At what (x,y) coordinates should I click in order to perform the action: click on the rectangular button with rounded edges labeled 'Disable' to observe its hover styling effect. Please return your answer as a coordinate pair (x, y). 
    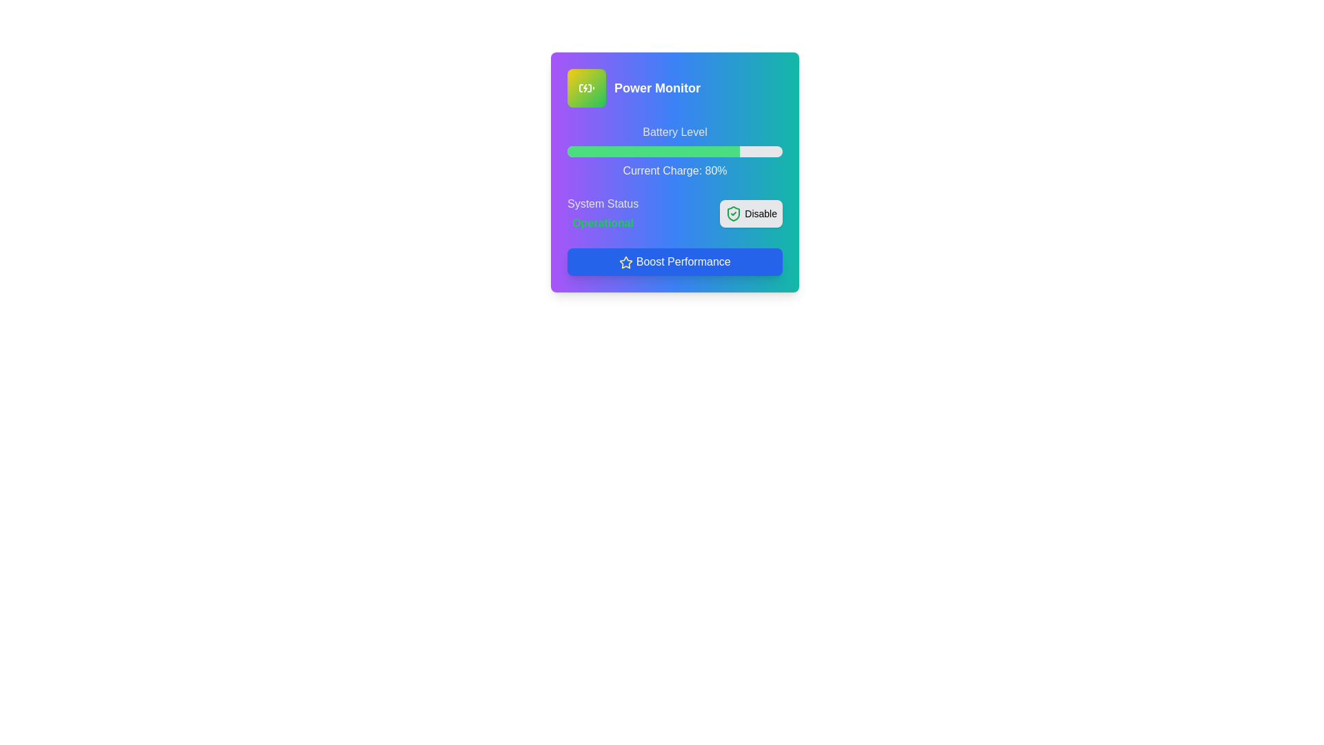
    Looking at the image, I should click on (750, 213).